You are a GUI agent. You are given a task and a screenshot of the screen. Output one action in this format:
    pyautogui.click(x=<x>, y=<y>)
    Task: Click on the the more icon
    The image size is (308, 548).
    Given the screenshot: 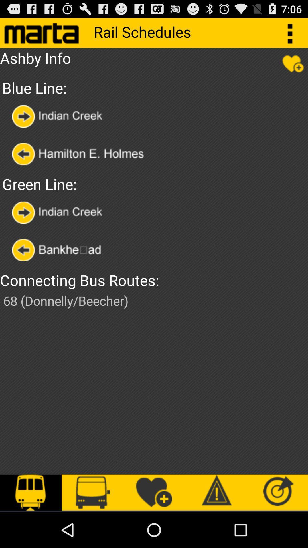 What is the action you would take?
    pyautogui.click(x=293, y=35)
    